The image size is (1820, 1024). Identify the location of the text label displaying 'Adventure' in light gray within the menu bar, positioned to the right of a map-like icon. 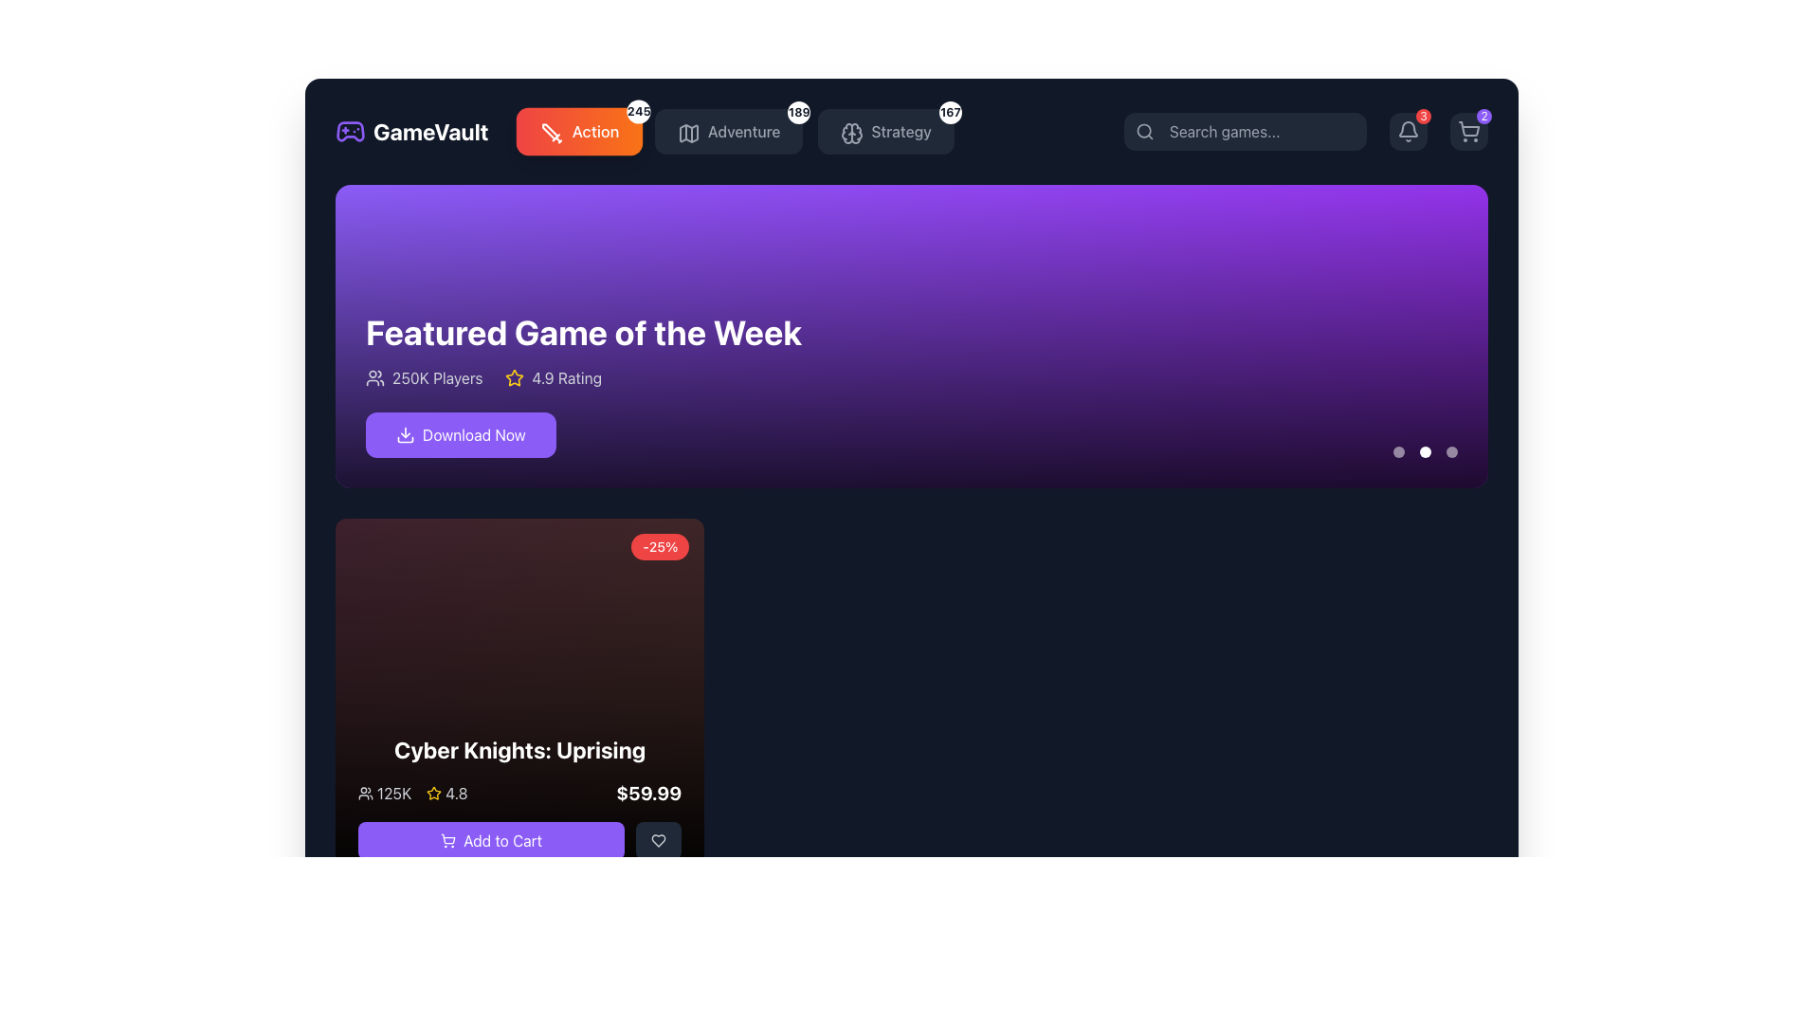
(743, 130).